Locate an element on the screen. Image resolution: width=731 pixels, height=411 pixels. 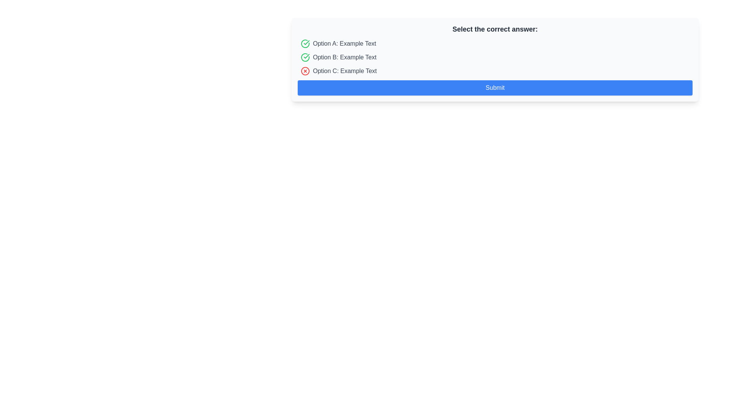
the icon that indicates the correctness of the choice, located to the left of the text 'Option A: Example Text' in the first option of the multiple-choice layout is located at coordinates (305, 44).